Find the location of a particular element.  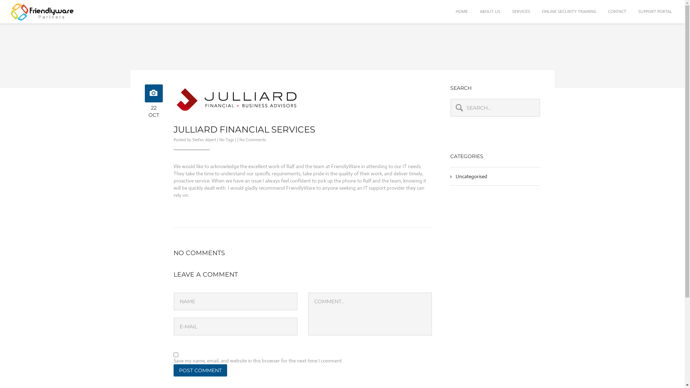

'ABOUT US' is located at coordinates (489, 11).